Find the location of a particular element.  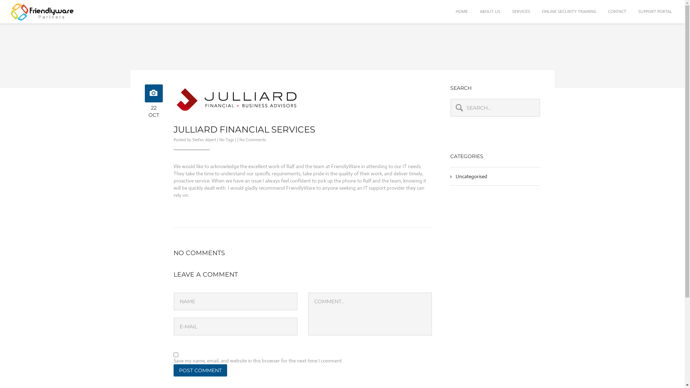

'ABOUT US' is located at coordinates (489, 11).